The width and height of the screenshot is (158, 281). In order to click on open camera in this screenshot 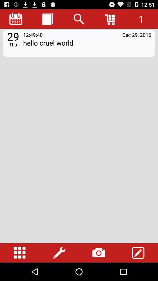, I will do `click(99, 253)`.